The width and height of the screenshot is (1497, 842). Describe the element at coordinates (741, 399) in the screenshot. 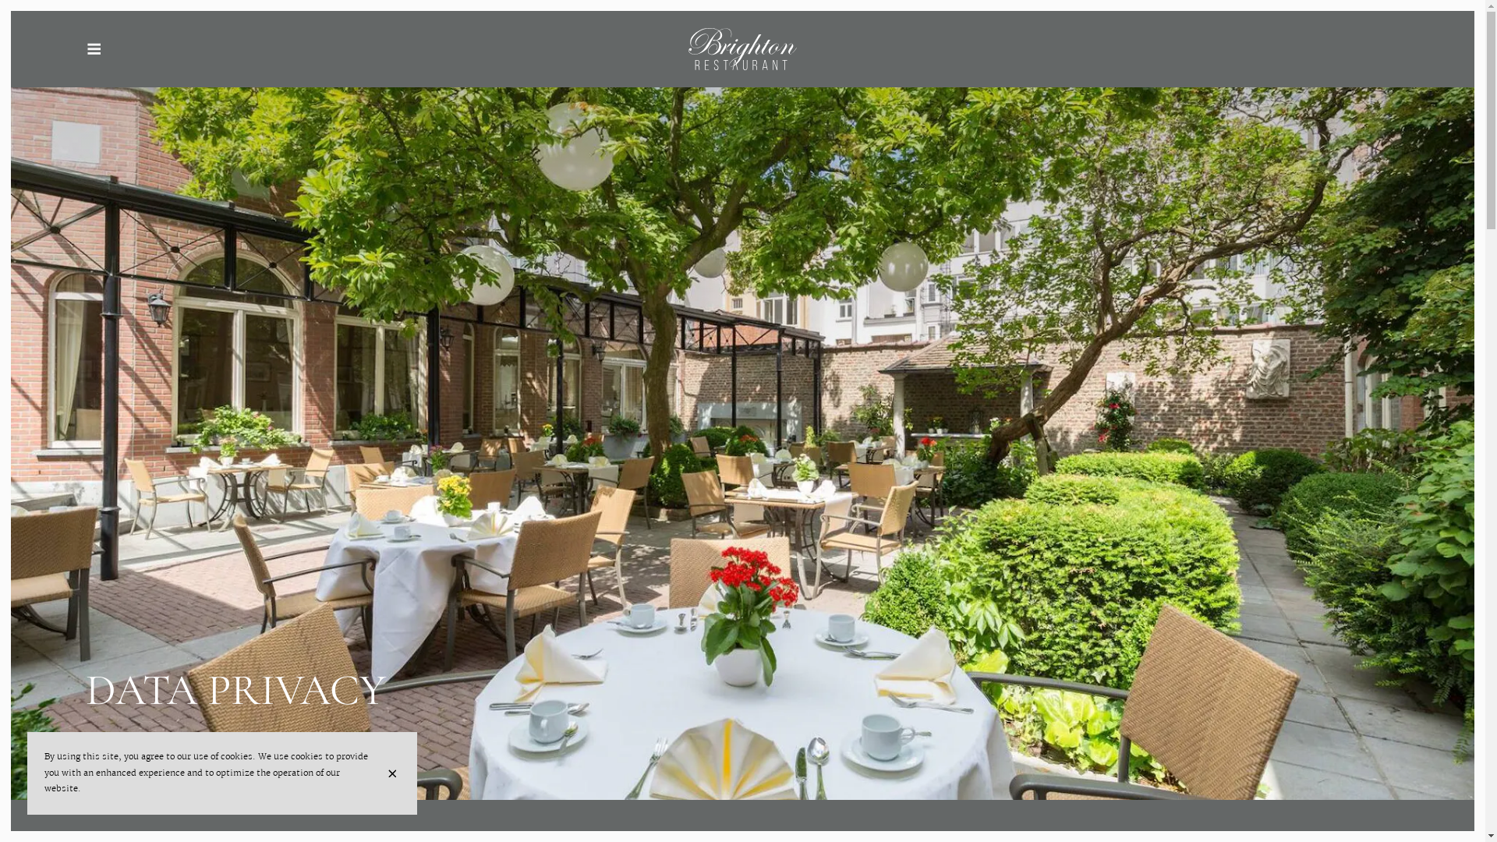

I see `'cover'` at that location.